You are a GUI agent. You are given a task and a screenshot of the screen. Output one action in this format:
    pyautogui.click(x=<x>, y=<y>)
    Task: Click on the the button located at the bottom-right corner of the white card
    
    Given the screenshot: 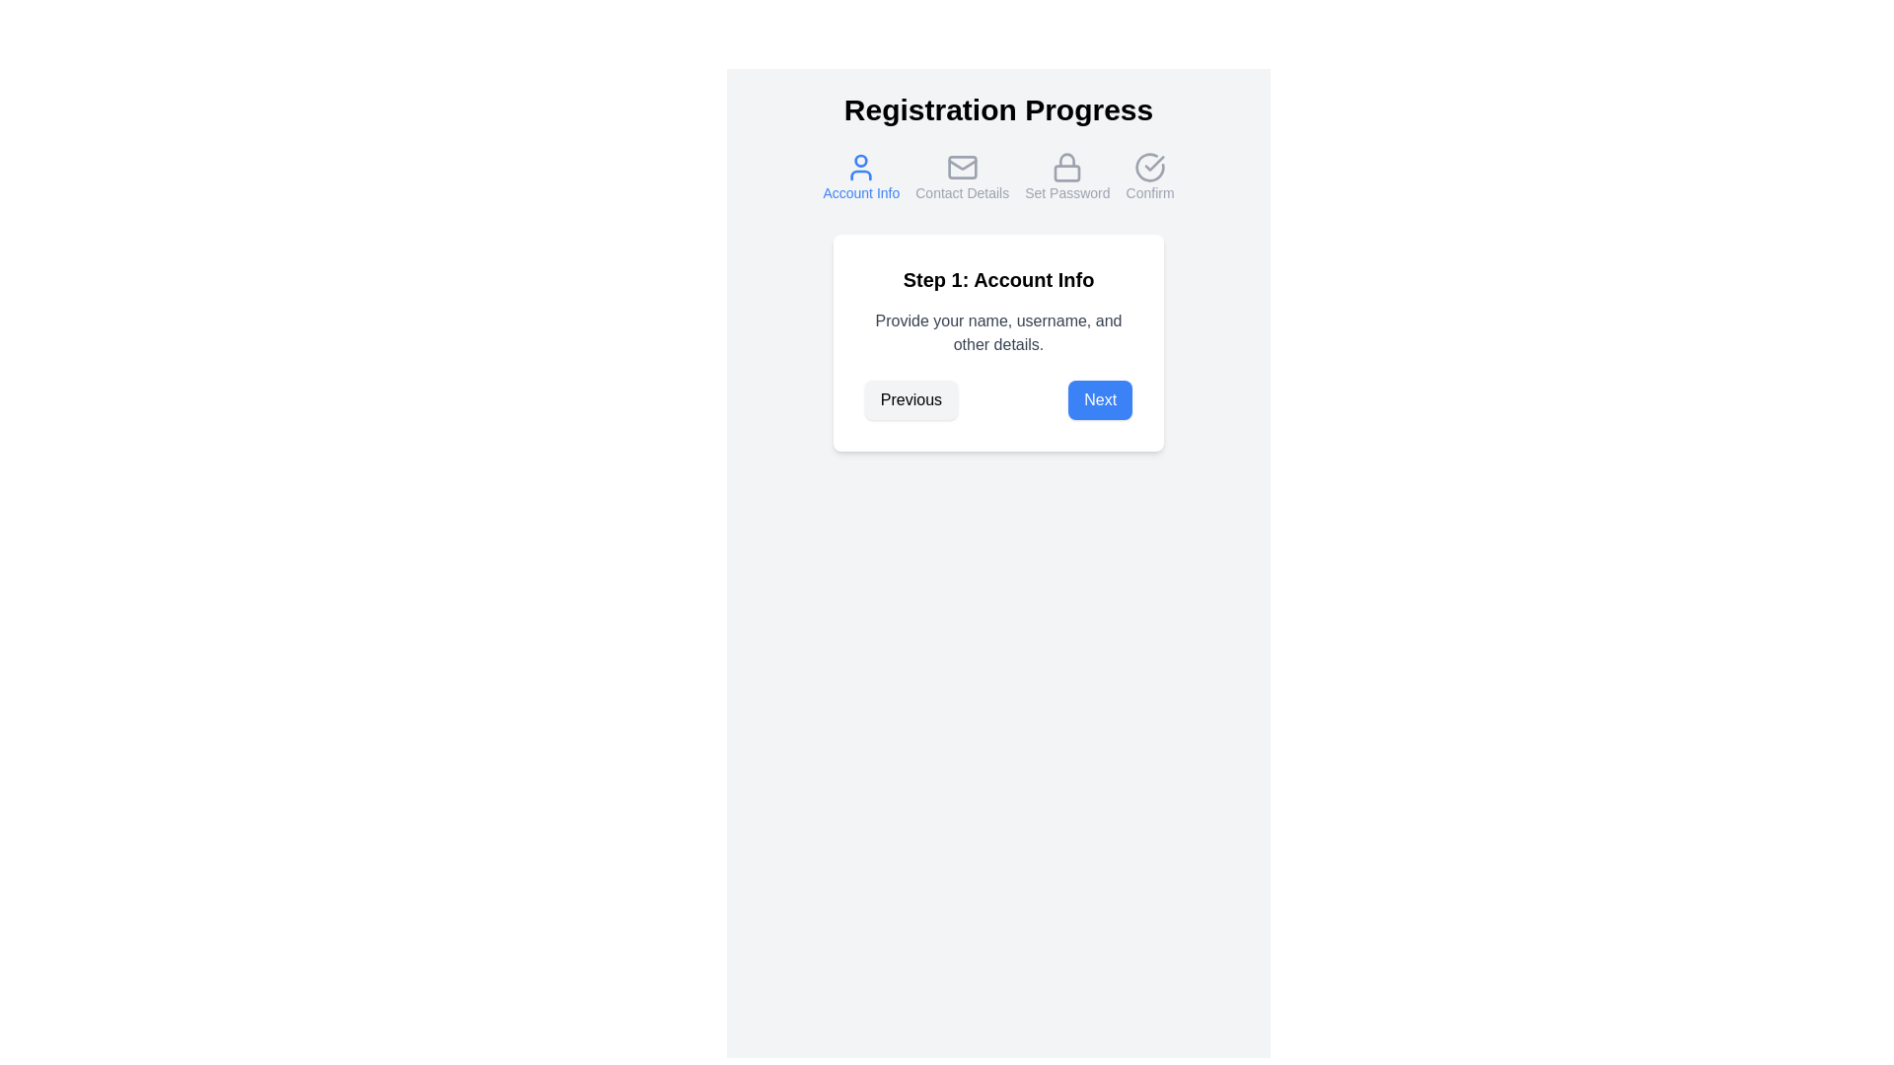 What is the action you would take?
    pyautogui.click(x=1099, y=399)
    